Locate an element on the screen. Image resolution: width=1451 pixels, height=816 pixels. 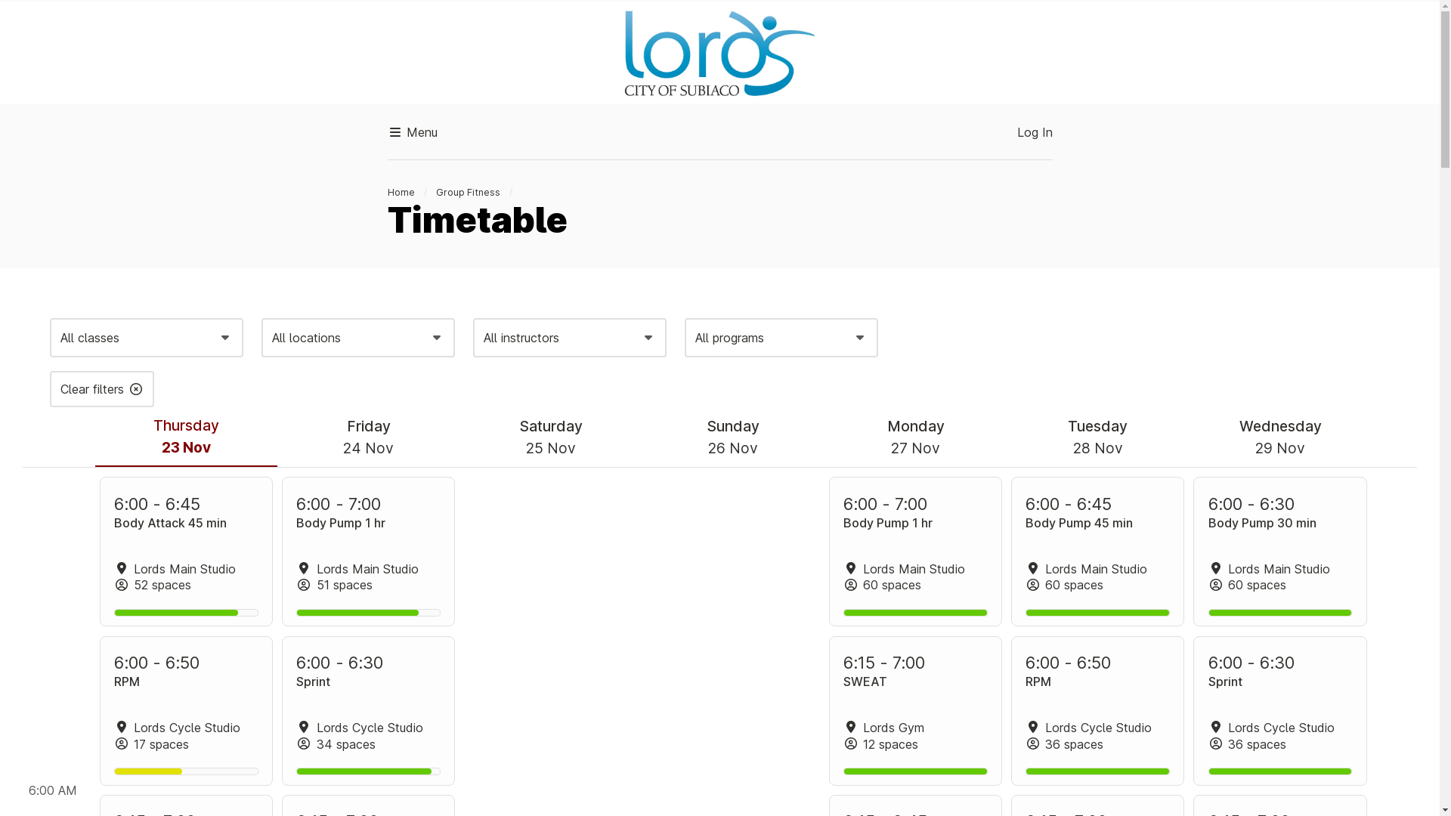
'Body Pump 45 min is located at coordinates (1097, 551).